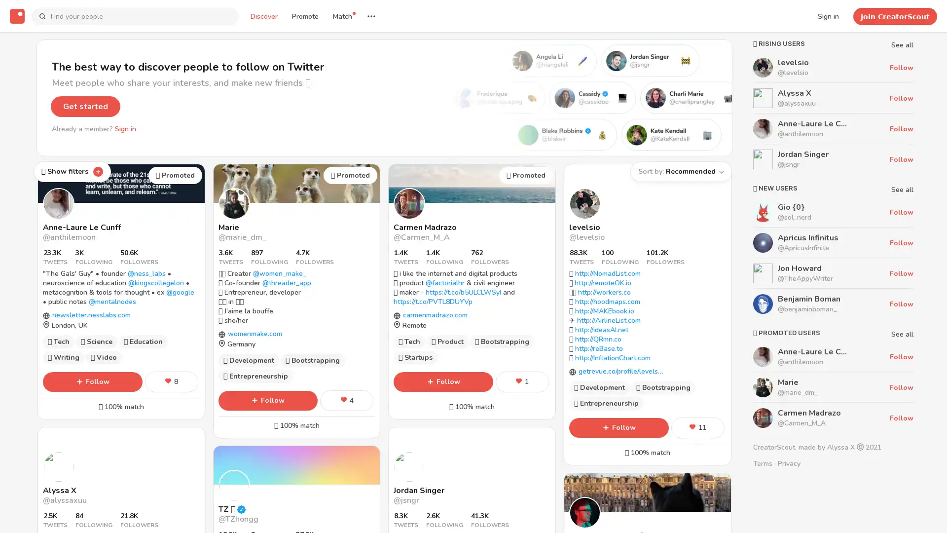 Image resolution: width=947 pixels, height=533 pixels. Describe the element at coordinates (895, 16) in the screenshot. I see `Join CreatorScout` at that location.